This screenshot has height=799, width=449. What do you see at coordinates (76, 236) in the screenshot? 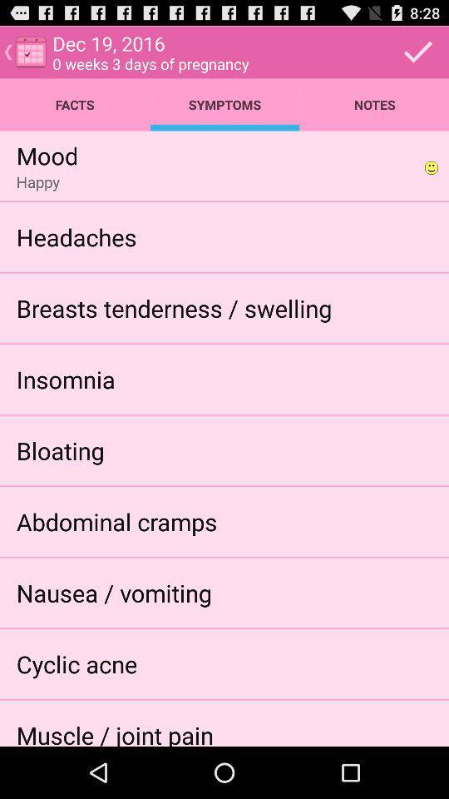
I see `the headaches icon` at bounding box center [76, 236].